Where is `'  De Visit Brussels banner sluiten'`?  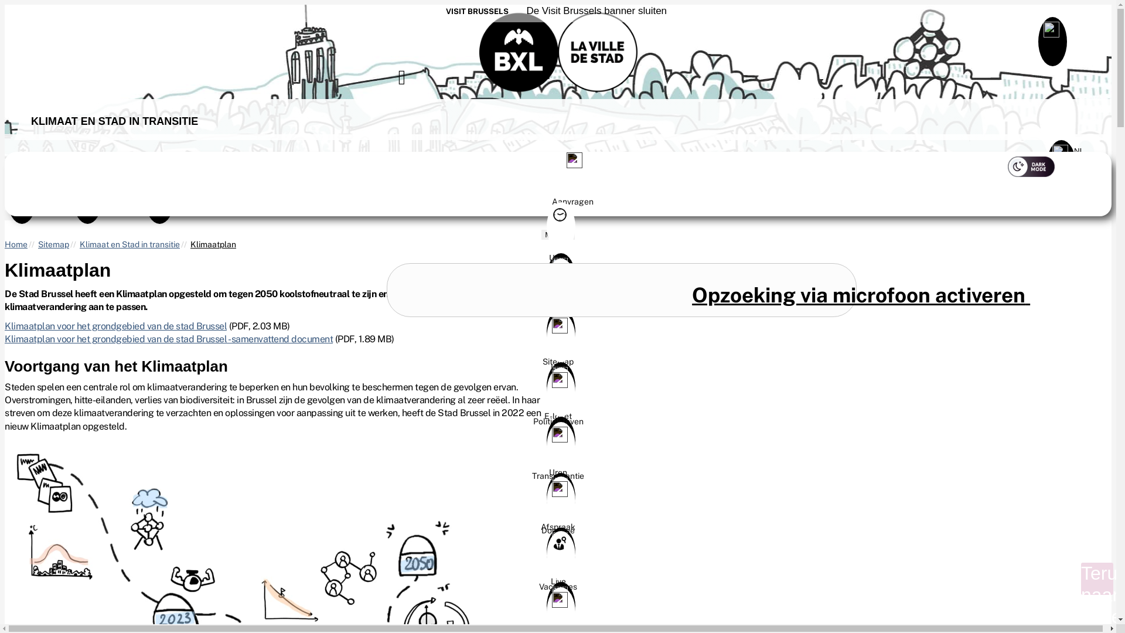 '  De Visit Brussels banner sluiten' is located at coordinates (594, 11).